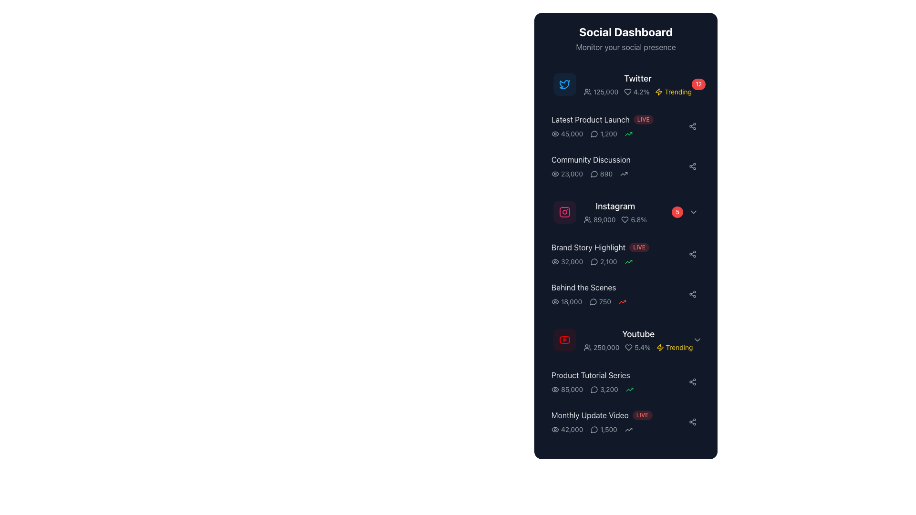  What do you see at coordinates (694, 211) in the screenshot?
I see `the chevron arrow icon located to the right of the red badge showing the number '5', which is aligned with the 'Instagram' section in the dashboard` at bounding box center [694, 211].